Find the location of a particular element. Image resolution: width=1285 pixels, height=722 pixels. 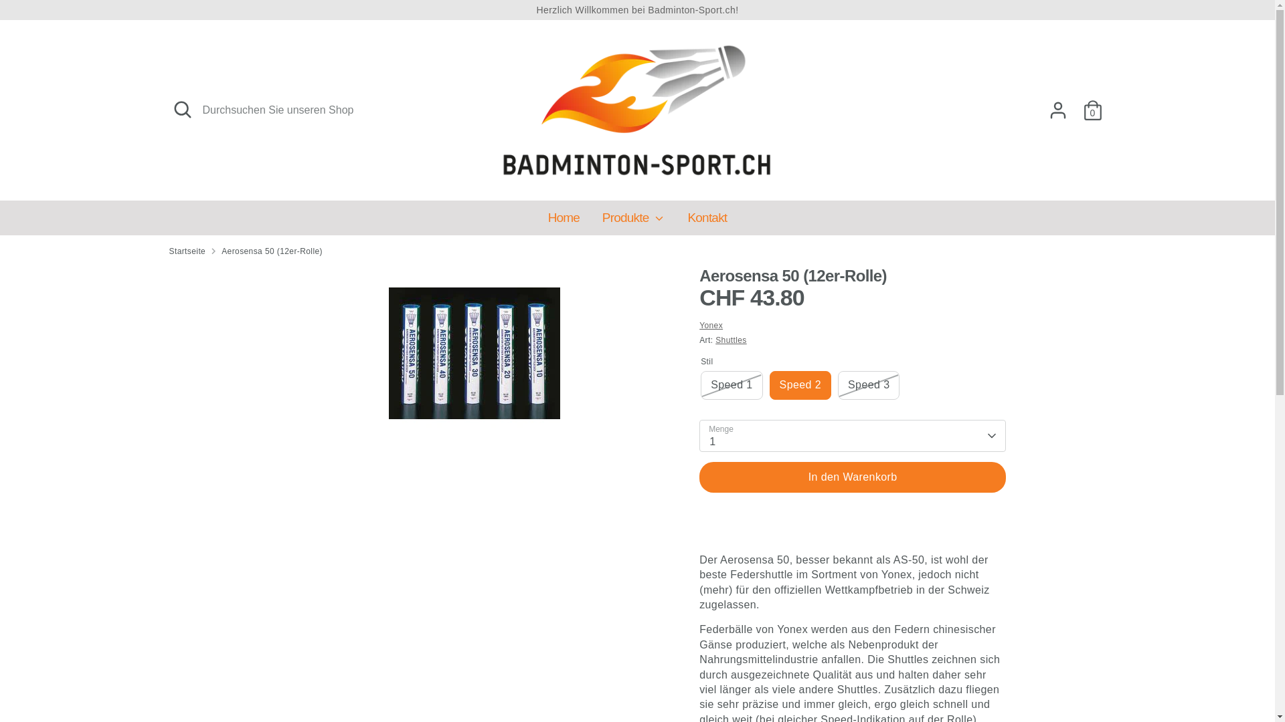

'Kontakt' is located at coordinates (706, 221).